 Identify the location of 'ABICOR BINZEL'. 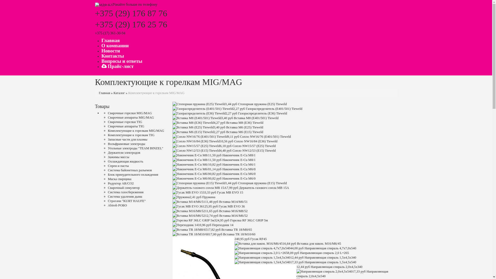
(104, 4).